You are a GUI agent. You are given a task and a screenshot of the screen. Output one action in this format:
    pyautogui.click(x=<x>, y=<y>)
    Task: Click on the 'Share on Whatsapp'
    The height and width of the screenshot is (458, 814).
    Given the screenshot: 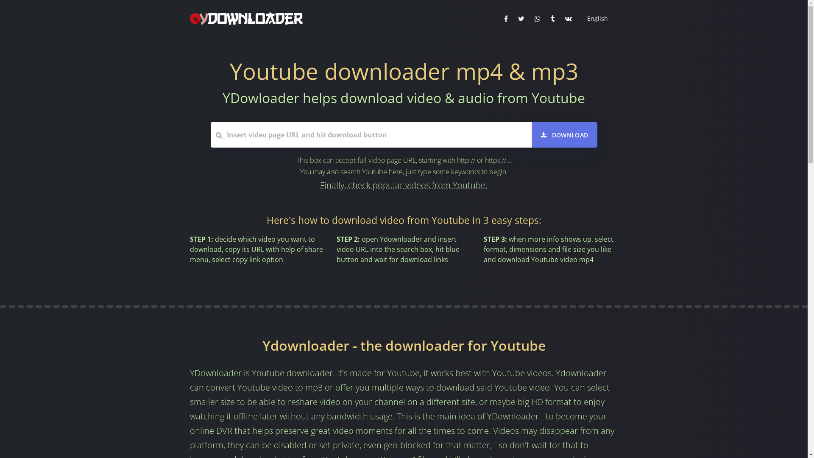 What is the action you would take?
    pyautogui.click(x=537, y=18)
    